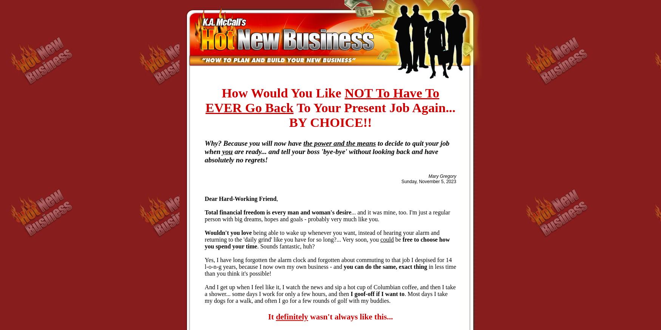 The width and height of the screenshot is (661, 330). Describe the element at coordinates (330, 290) in the screenshot. I see `'And I get up when I feel like it, I watch the news and sip a hot cup of Columbian coffee, and then I take a shower... some days I work for only a few hours, and then'` at that location.